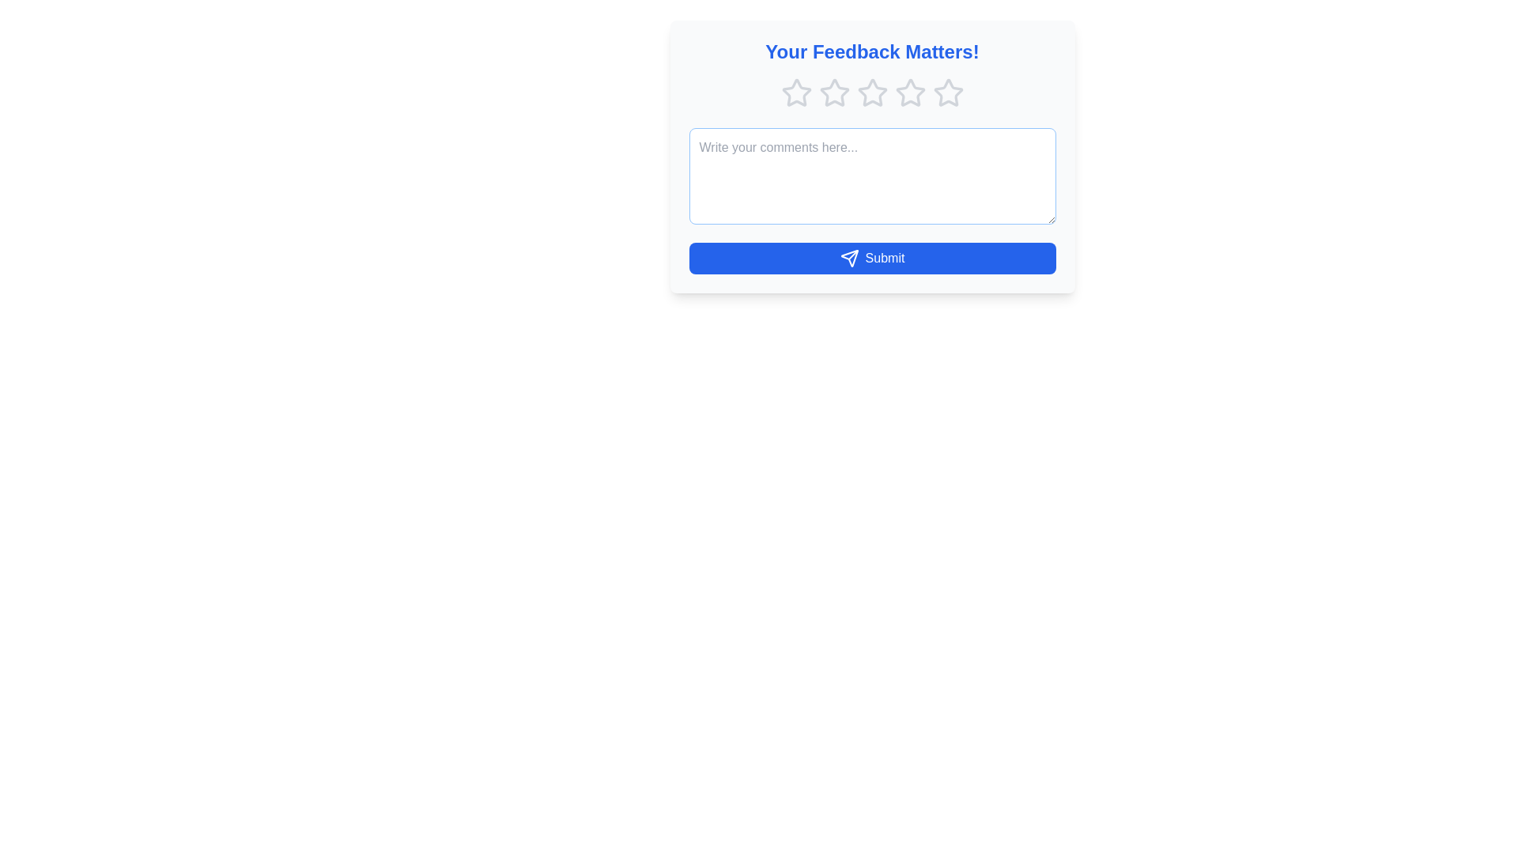 This screenshot has width=1518, height=854. I want to click on the 'Submit' button with a blue background and white text, so click(871, 258).